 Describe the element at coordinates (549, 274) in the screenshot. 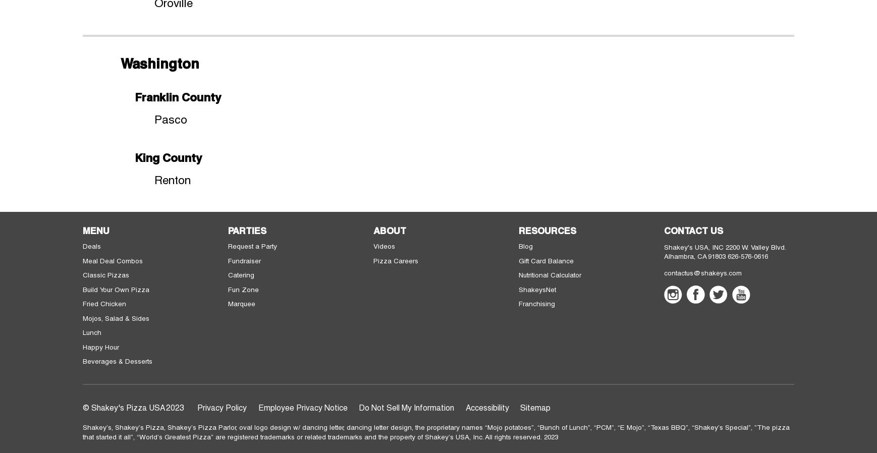

I see `'Nutritional Calculator'` at that location.